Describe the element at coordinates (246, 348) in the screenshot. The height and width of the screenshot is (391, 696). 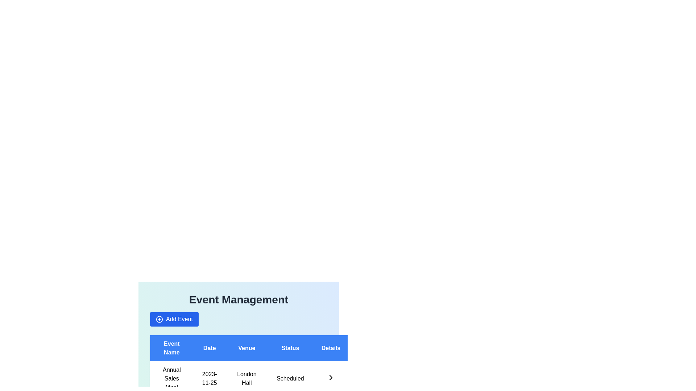
I see `the blue button labeled 'Venue' that is the third item in a horizontal menu of buttons, located centrally in the interface` at that location.